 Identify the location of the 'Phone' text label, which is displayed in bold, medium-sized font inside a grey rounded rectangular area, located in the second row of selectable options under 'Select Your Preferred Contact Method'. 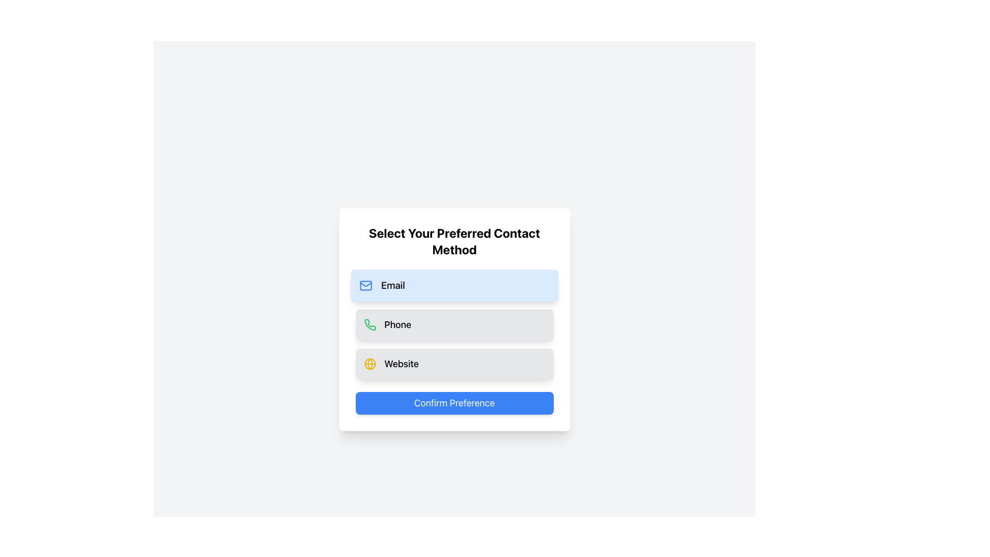
(397, 324).